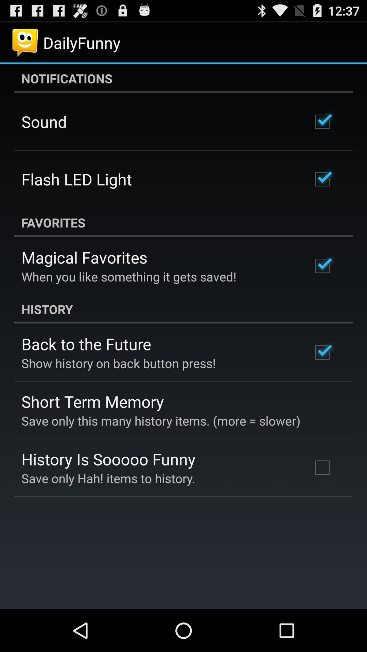 Image resolution: width=367 pixels, height=652 pixels. I want to click on the icon above the favorites item, so click(76, 179).